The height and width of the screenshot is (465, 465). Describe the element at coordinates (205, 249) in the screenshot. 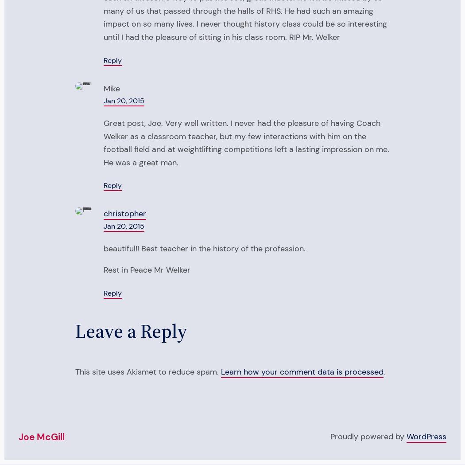

I see `'beautiful!! Best teacher in the history of the profession.'` at that location.